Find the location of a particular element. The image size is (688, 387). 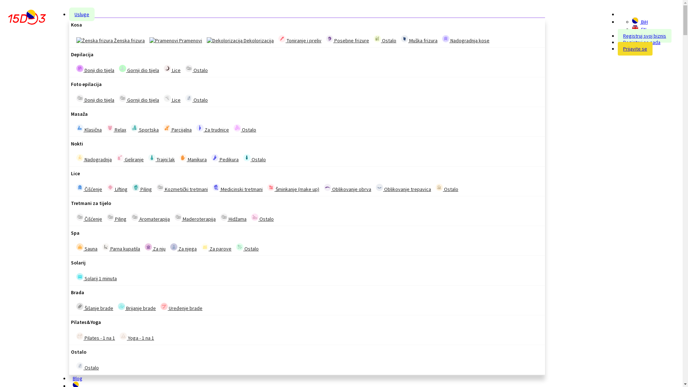

'Lifting' is located at coordinates (104, 187).